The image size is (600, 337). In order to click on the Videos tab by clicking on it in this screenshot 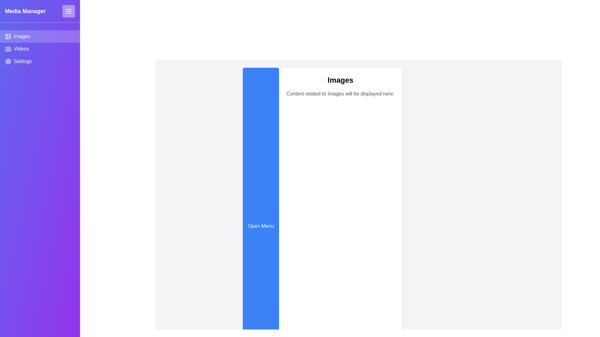, I will do `click(40, 49)`.